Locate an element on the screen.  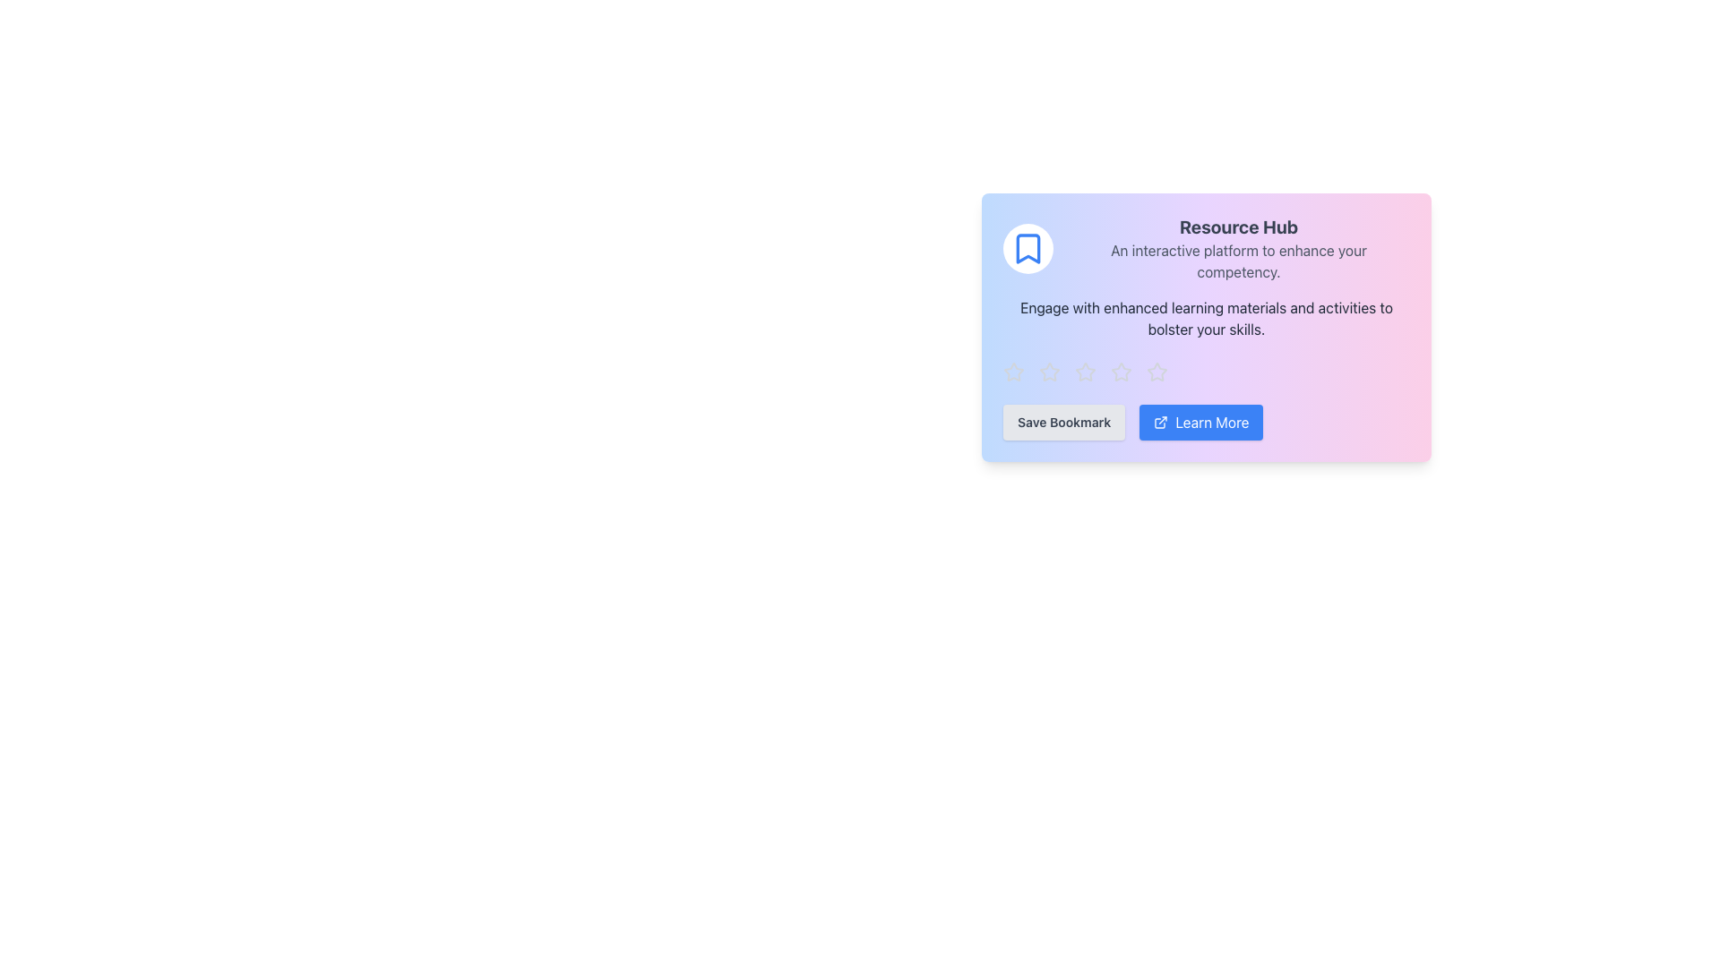
the second star icon in the rating system within the 'Resource Hub' dialog box for keyboard navigation is located at coordinates (1121, 371).